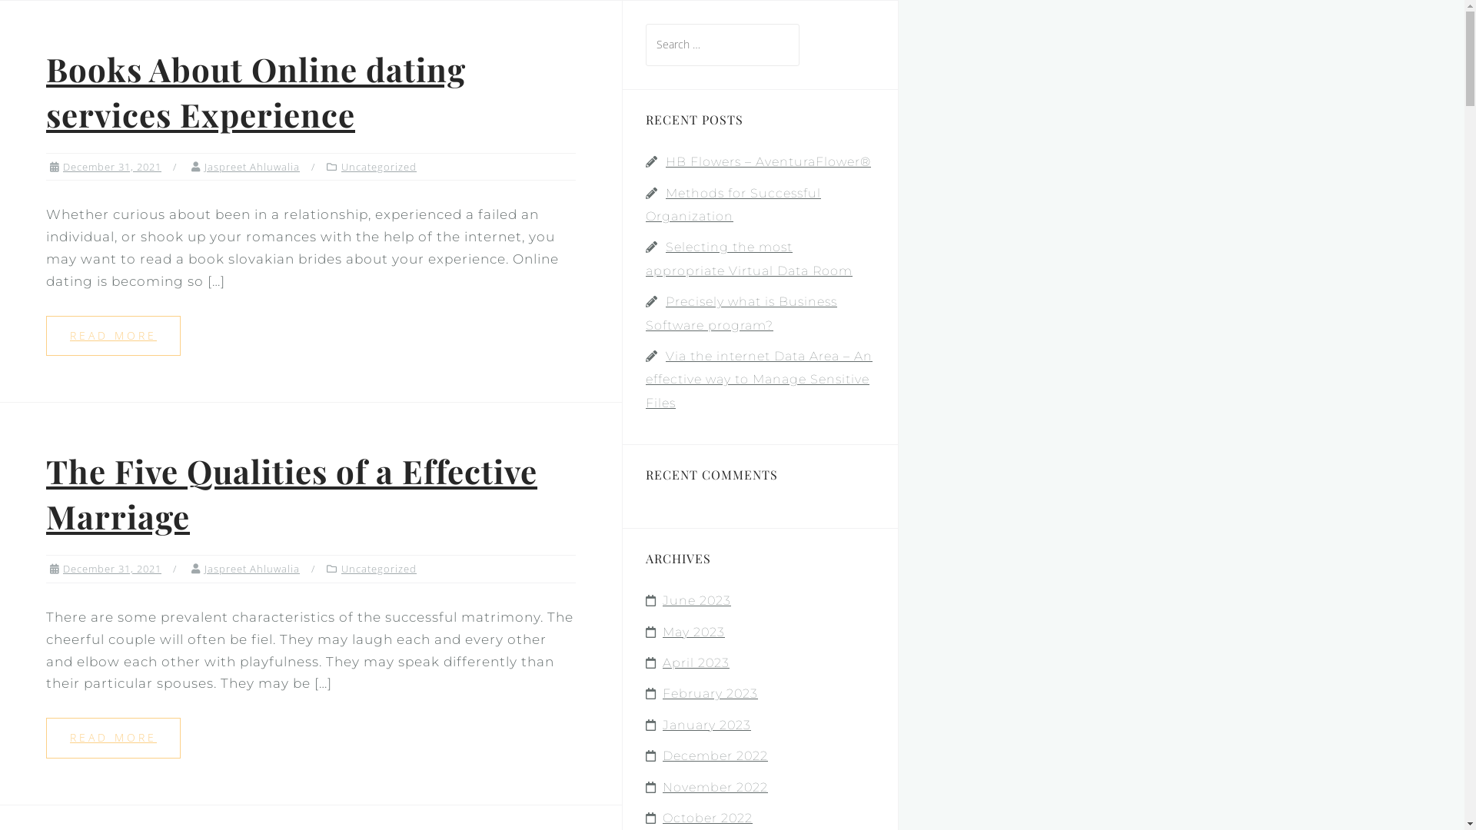  Describe the element at coordinates (379, 569) in the screenshot. I see `'Uncategorized'` at that location.